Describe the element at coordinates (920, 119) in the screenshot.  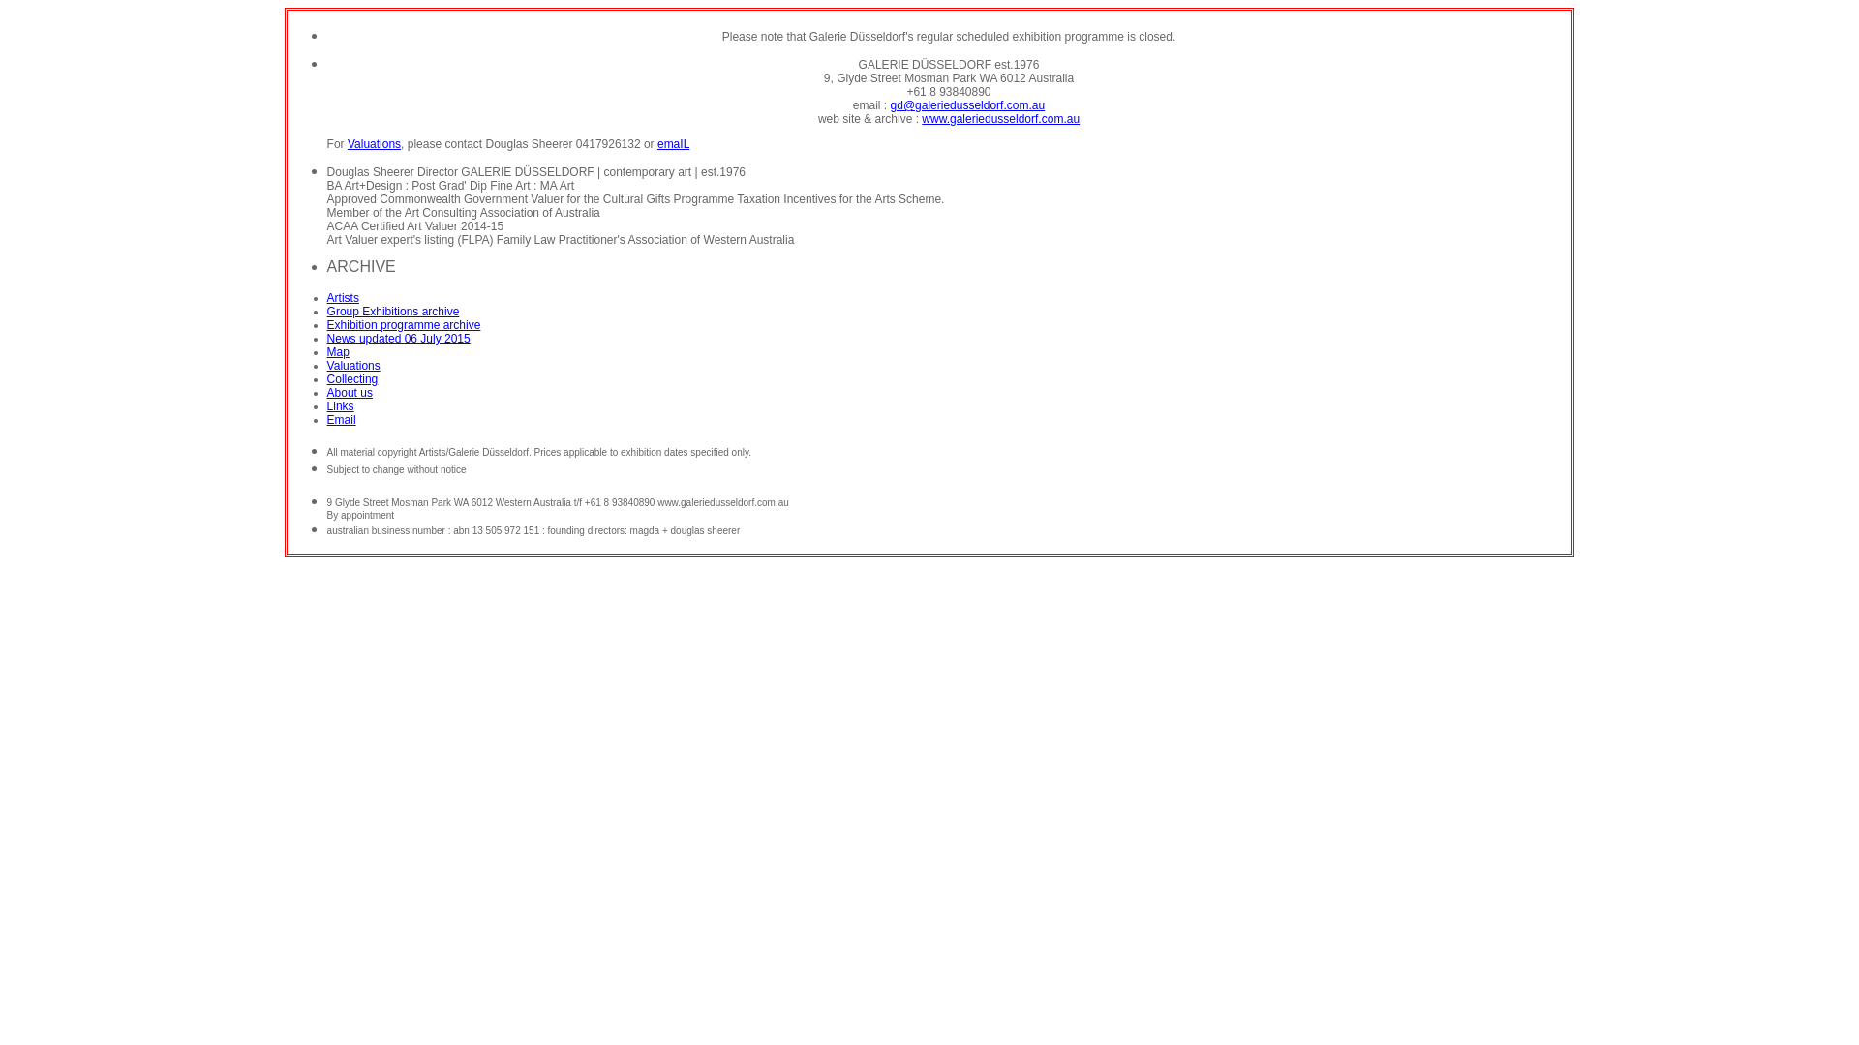
I see `'www.galeriedusseldorf.com.au'` at that location.